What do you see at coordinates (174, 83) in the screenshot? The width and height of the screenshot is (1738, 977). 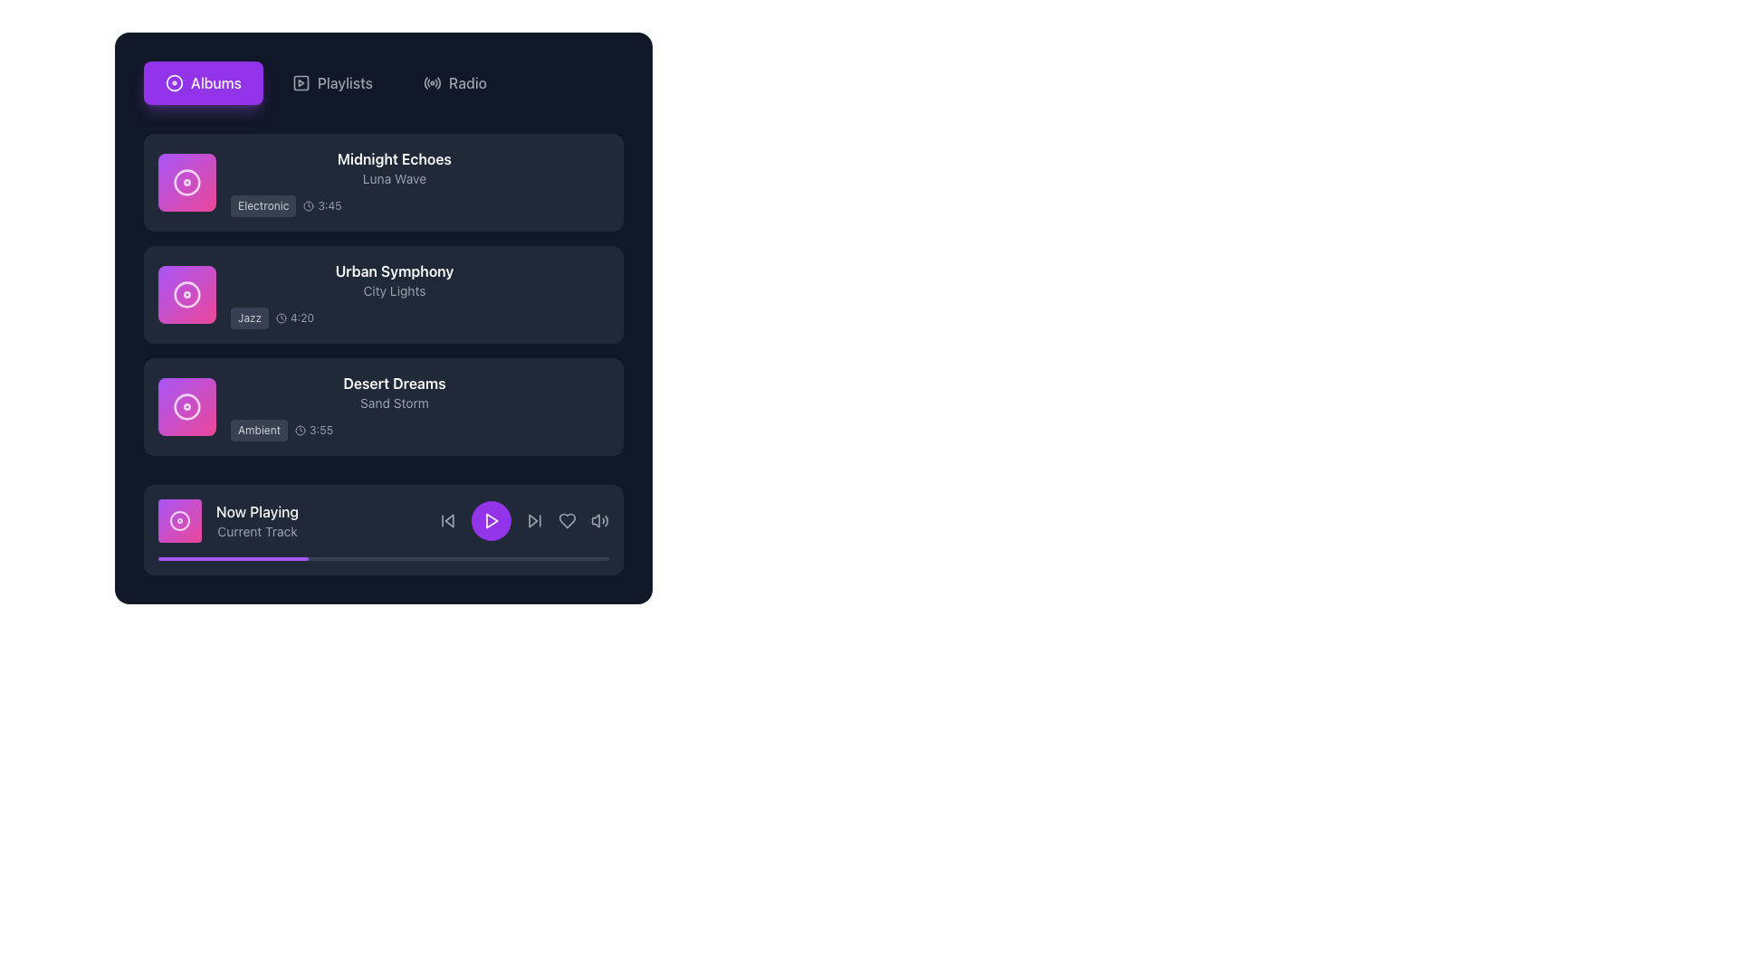 I see `the outer circle of the 'Albums' icon located in the upper navigation bar, which enhances the visual identity of the button` at bounding box center [174, 83].